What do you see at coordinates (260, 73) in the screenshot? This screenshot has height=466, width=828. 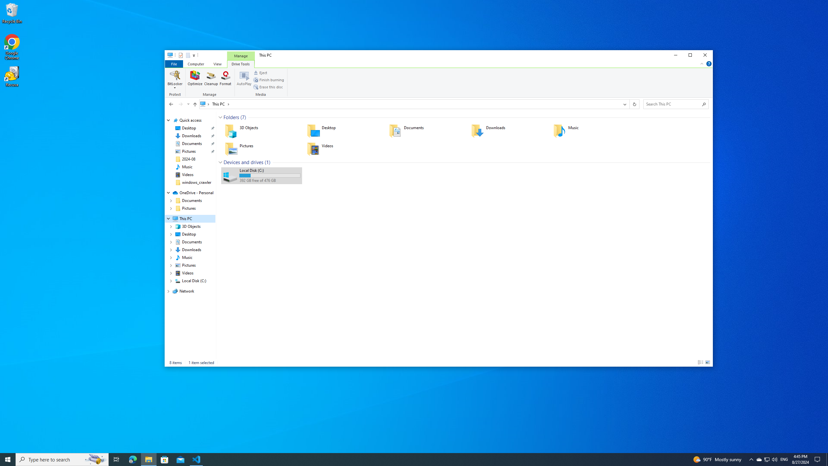 I see `'Eject'` at bounding box center [260, 73].